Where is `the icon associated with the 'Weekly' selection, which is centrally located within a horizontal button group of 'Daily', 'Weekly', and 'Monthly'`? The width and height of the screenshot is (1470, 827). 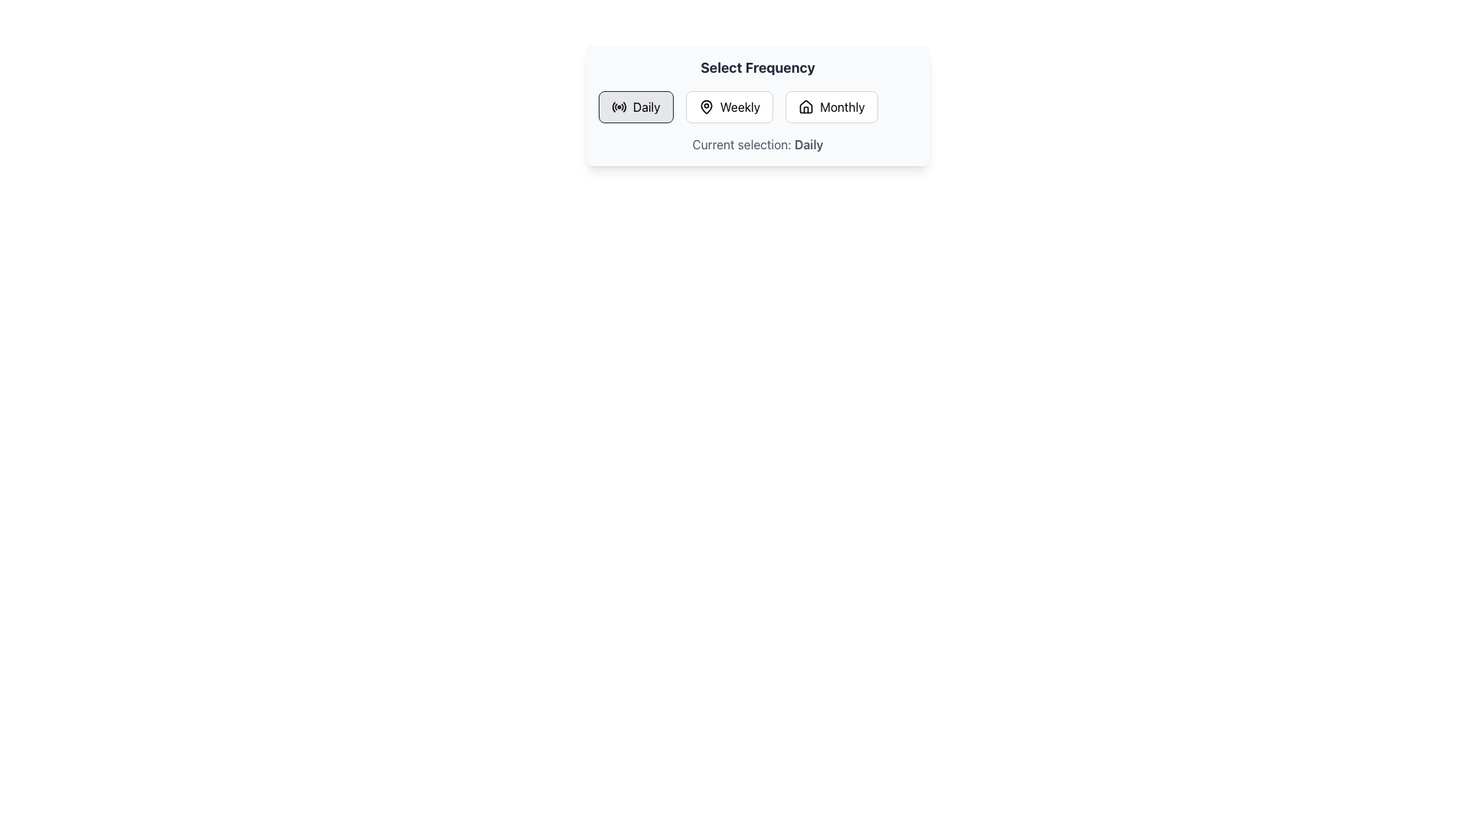
the icon associated with the 'Weekly' selection, which is centrally located within a horizontal button group of 'Daily', 'Weekly', and 'Monthly' is located at coordinates (705, 106).